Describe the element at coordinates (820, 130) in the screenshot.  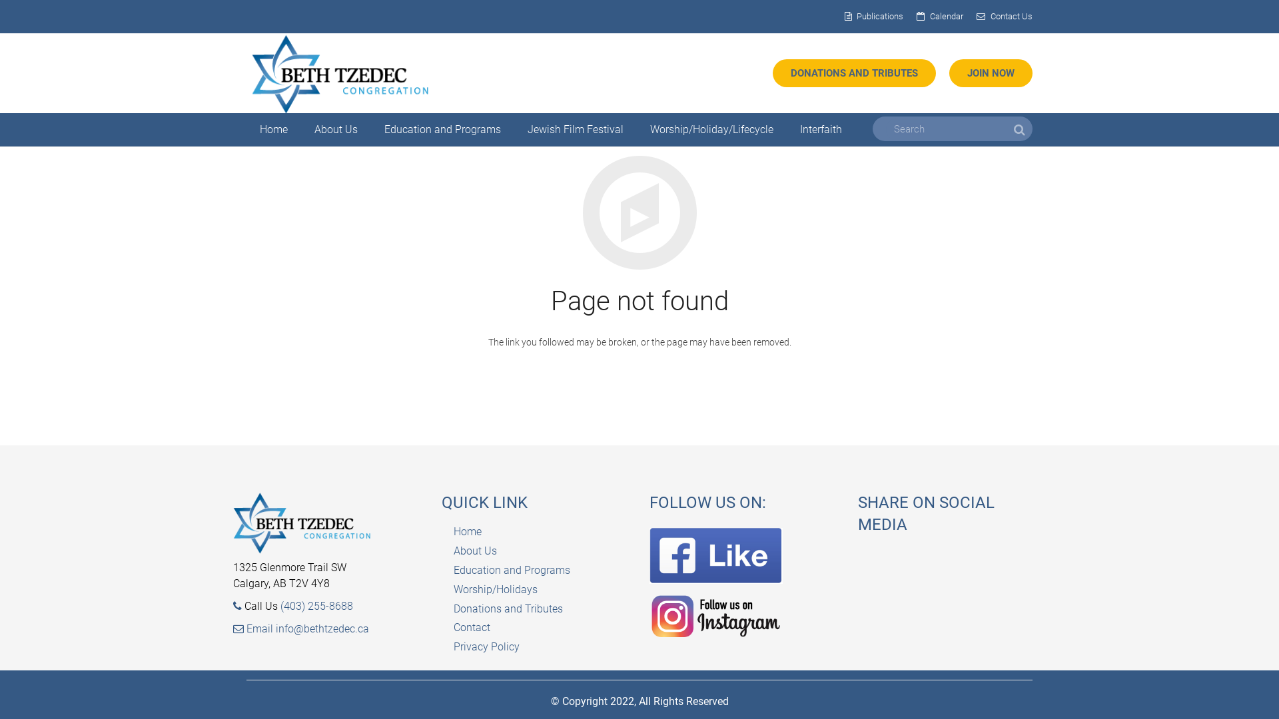
I see `'Interfaith'` at that location.